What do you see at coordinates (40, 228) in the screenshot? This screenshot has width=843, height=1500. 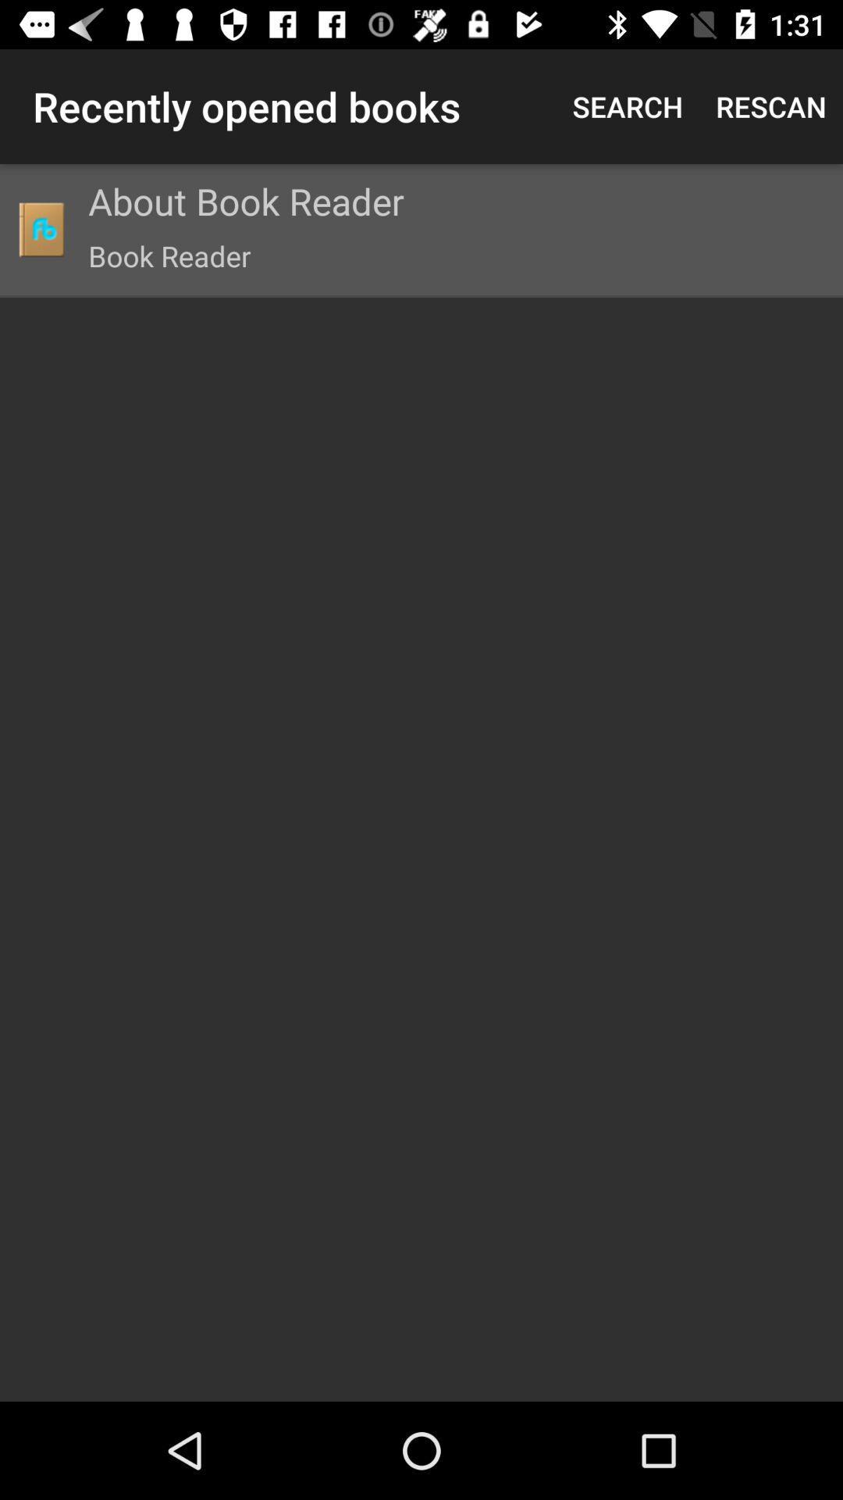 I see `icon to the left of the about book reader` at bounding box center [40, 228].